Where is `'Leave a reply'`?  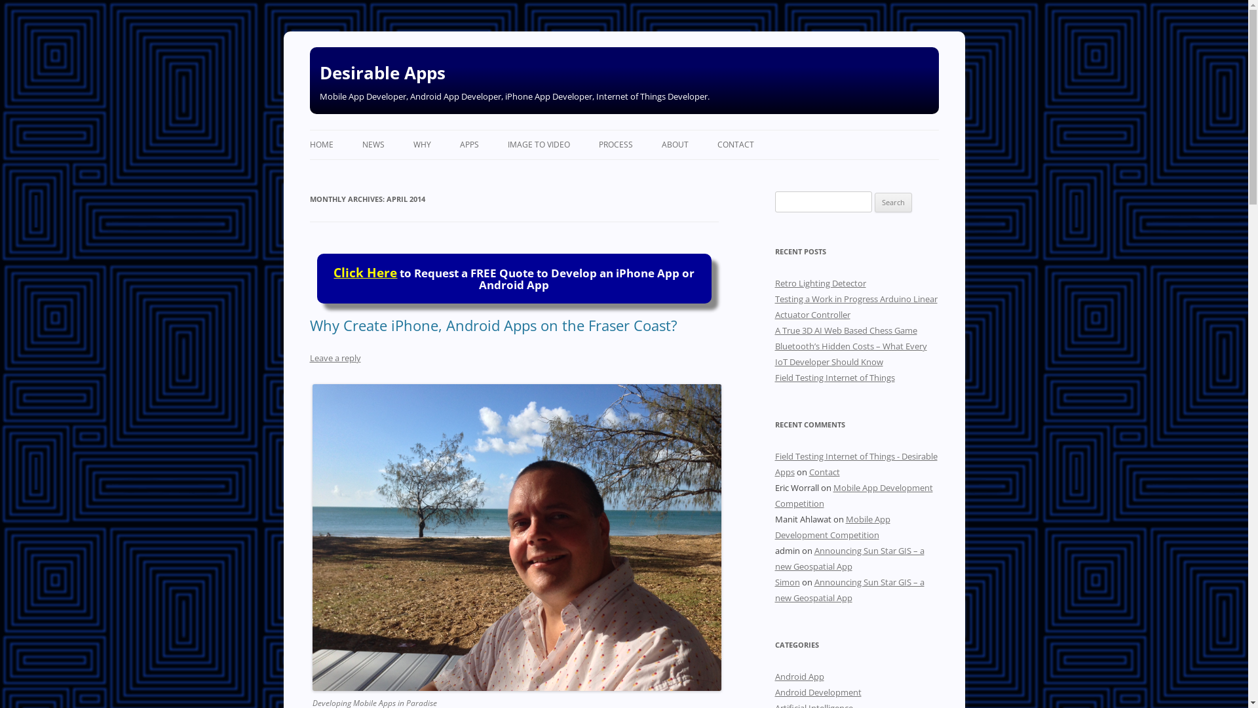 'Leave a reply' is located at coordinates (334, 358).